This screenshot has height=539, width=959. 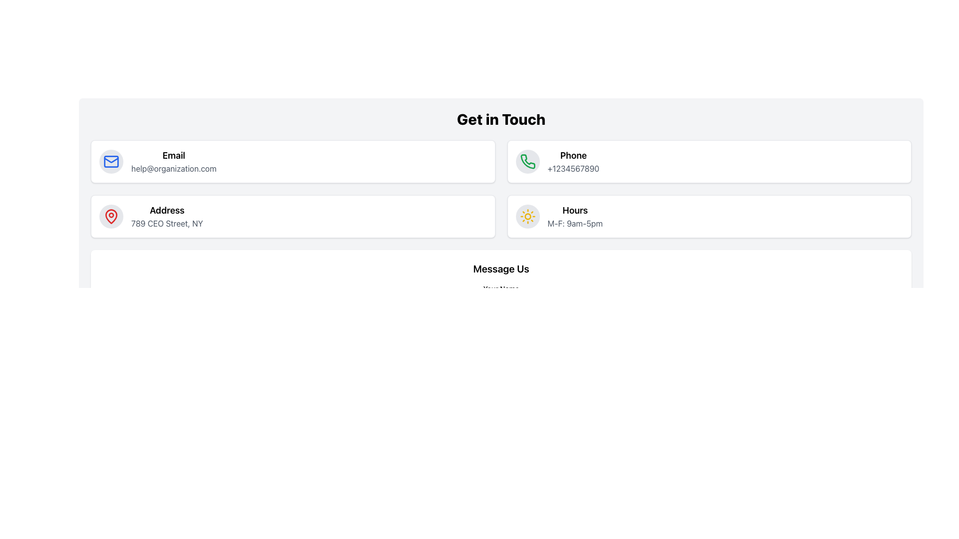 I want to click on the 'Address' text block which displays '789 CEO Street, NY' in a grayish font, located within a white rectangular card adjacent to a red pin icon, so click(x=167, y=216).